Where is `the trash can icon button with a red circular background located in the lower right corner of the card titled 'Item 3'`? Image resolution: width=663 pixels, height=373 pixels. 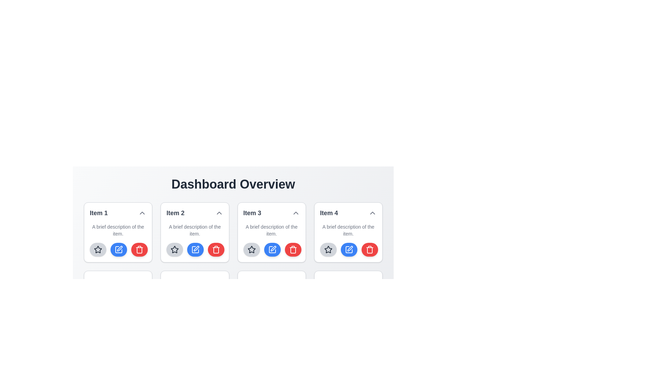
the trash can icon button with a red circular background located in the lower right corner of the card titled 'Item 3' is located at coordinates (293, 249).